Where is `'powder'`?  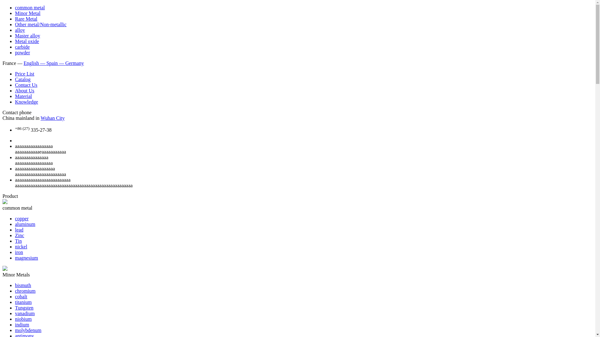 'powder' is located at coordinates (22, 52).